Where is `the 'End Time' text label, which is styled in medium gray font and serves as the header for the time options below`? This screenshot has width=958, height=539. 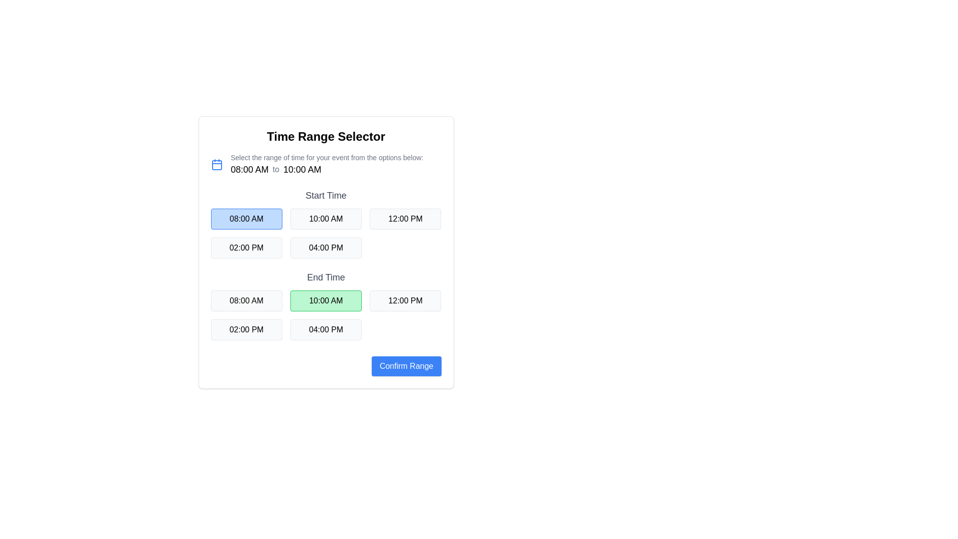 the 'End Time' text label, which is styled in medium gray font and serves as the header for the time options below is located at coordinates (326, 277).